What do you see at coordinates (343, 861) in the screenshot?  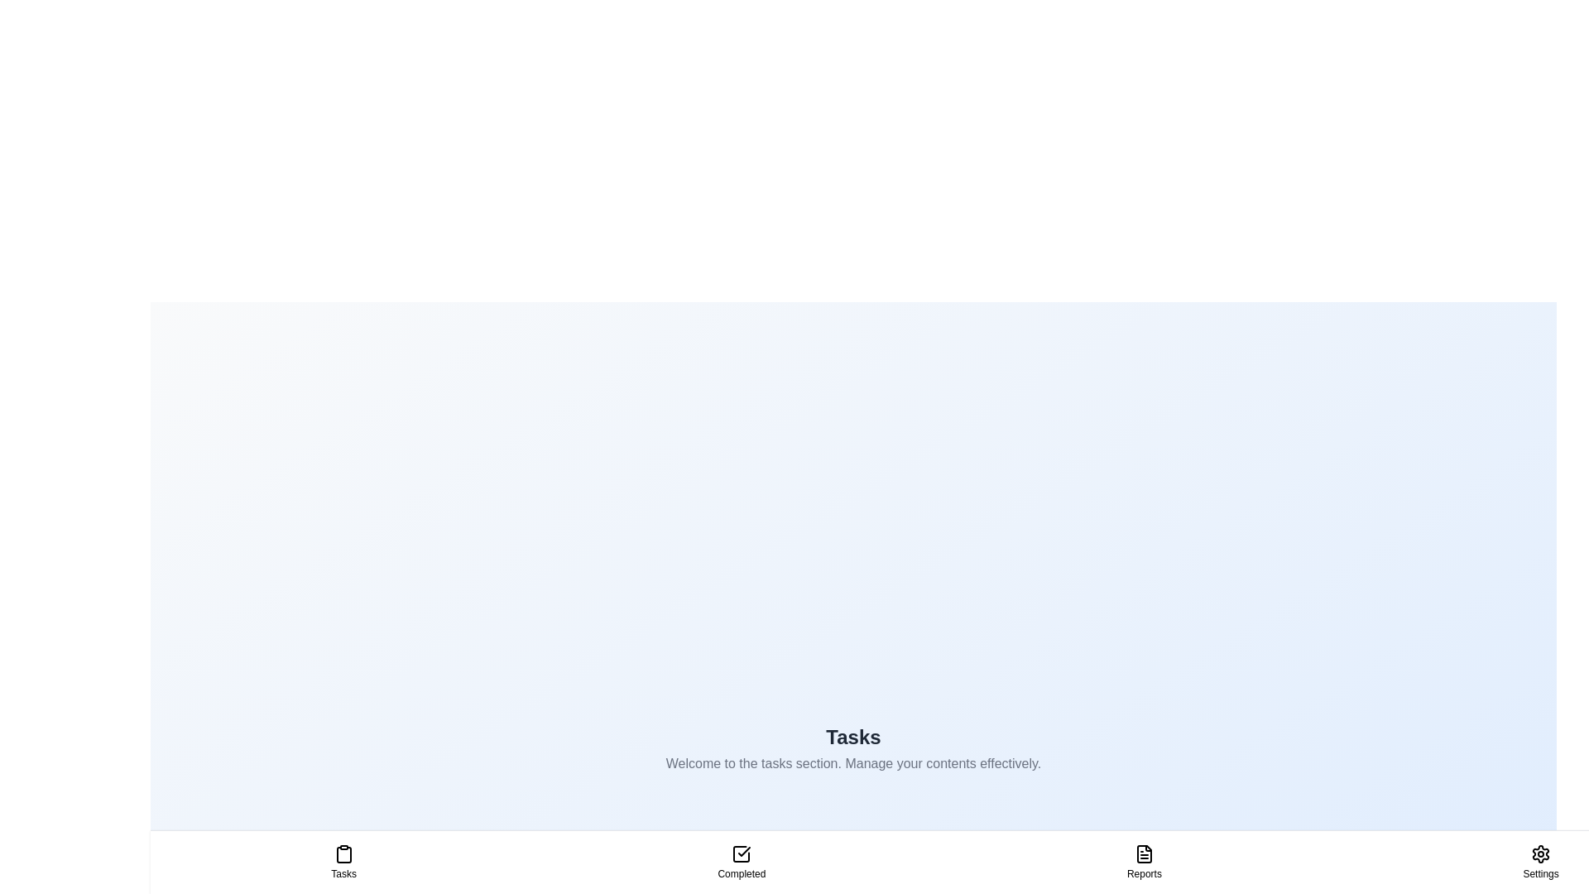 I see `the Tasks tab to navigate to it` at bounding box center [343, 861].